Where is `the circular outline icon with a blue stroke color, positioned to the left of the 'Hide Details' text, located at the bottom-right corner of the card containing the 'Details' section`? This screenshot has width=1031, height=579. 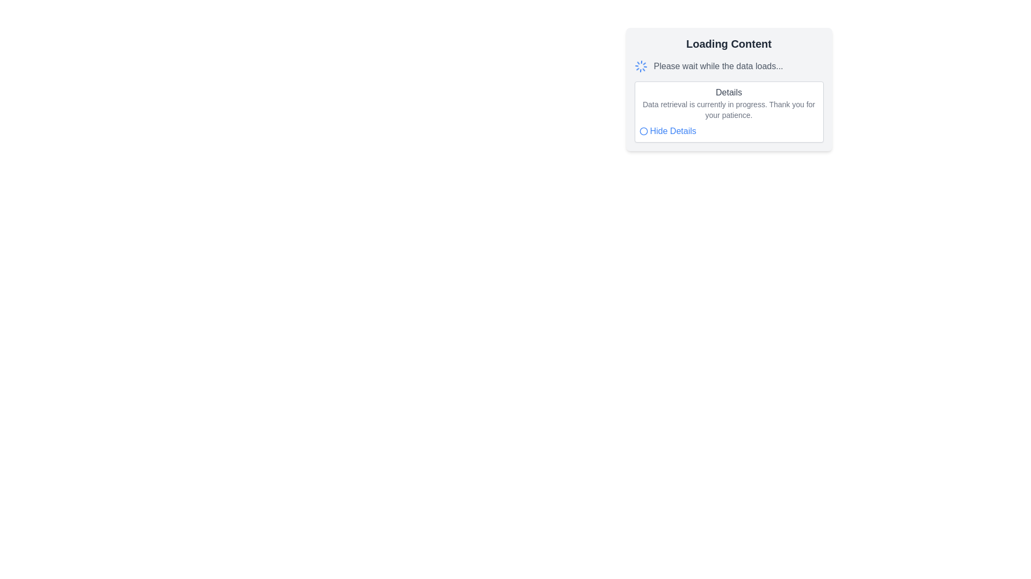
the circular outline icon with a blue stroke color, positioned to the left of the 'Hide Details' text, located at the bottom-right corner of the card containing the 'Details' section is located at coordinates (643, 131).